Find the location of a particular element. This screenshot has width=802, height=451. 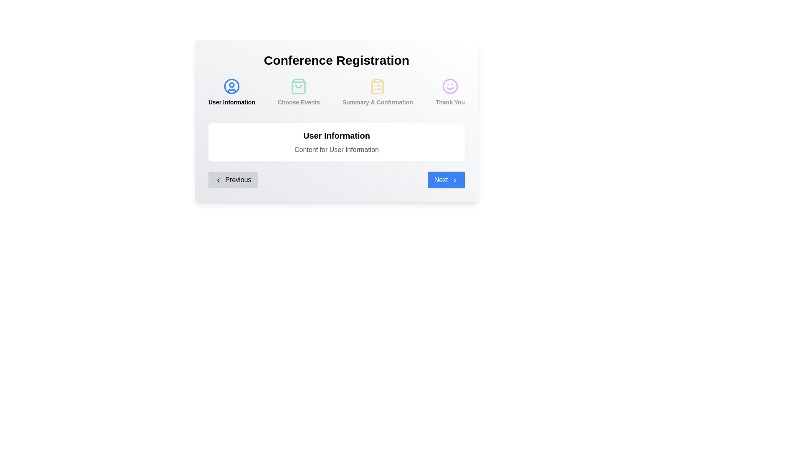

the 'Thank You' label in the navigation bar, which is represented by a purple smiling face icon and a text label beneath it is located at coordinates (449, 92).